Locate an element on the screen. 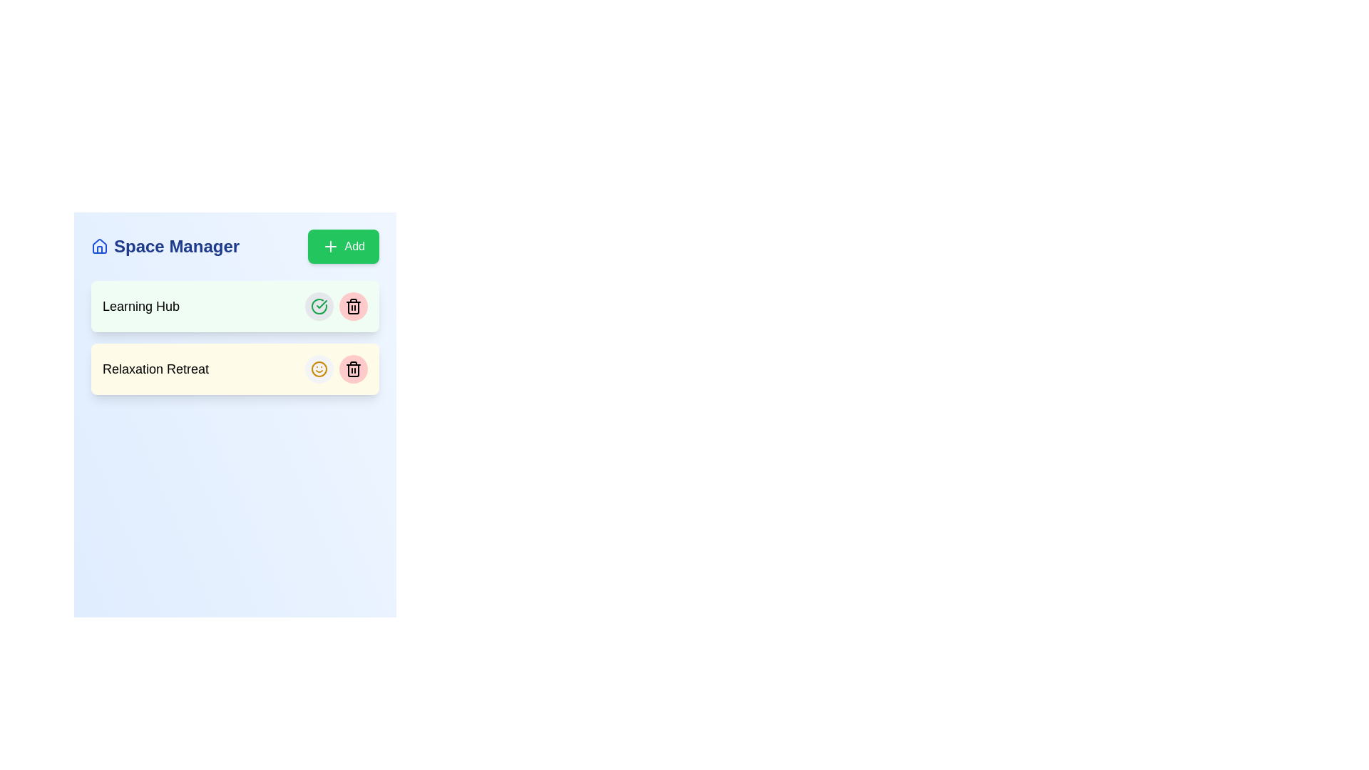 The height and width of the screenshot is (770, 1369). the status represented by the confirmation check icon in the top-right corner of the 'Learning Hub' card, which is visually distinct due to its green color scheme is located at coordinates (318, 305).